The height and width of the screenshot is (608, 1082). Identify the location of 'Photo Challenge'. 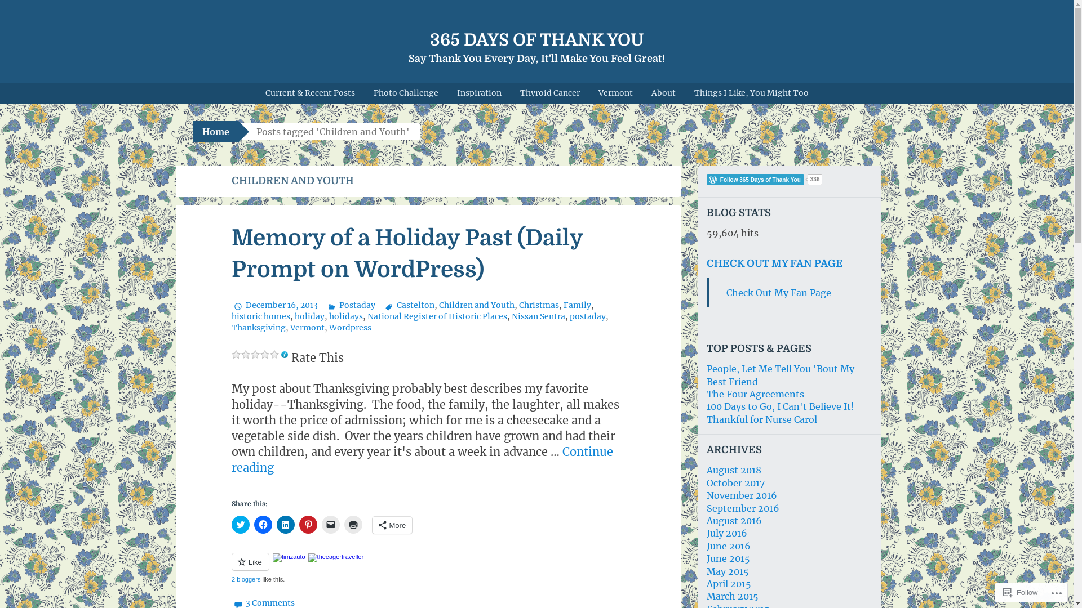
(406, 92).